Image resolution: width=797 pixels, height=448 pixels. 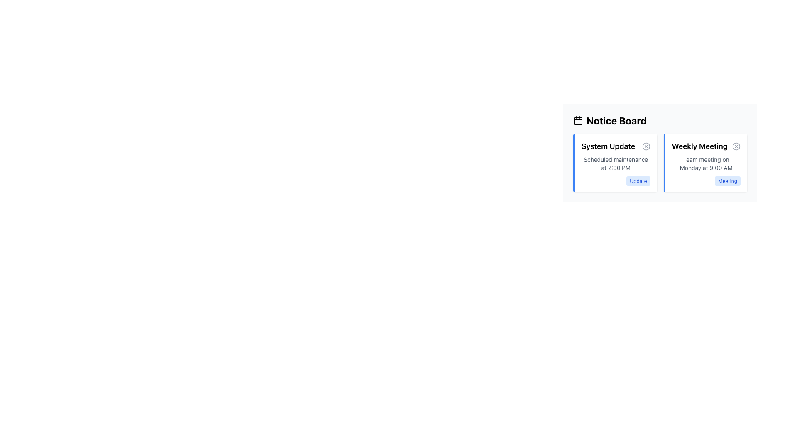 What do you see at coordinates (706, 163) in the screenshot?
I see `the Text label that conveys specific details about a scheduled team meeting located beneath the 'Weekly Meeting' header and above the 'Meeting' label in the 'Weekly Meeting' card on the right side of the 'Notice Board' section` at bounding box center [706, 163].